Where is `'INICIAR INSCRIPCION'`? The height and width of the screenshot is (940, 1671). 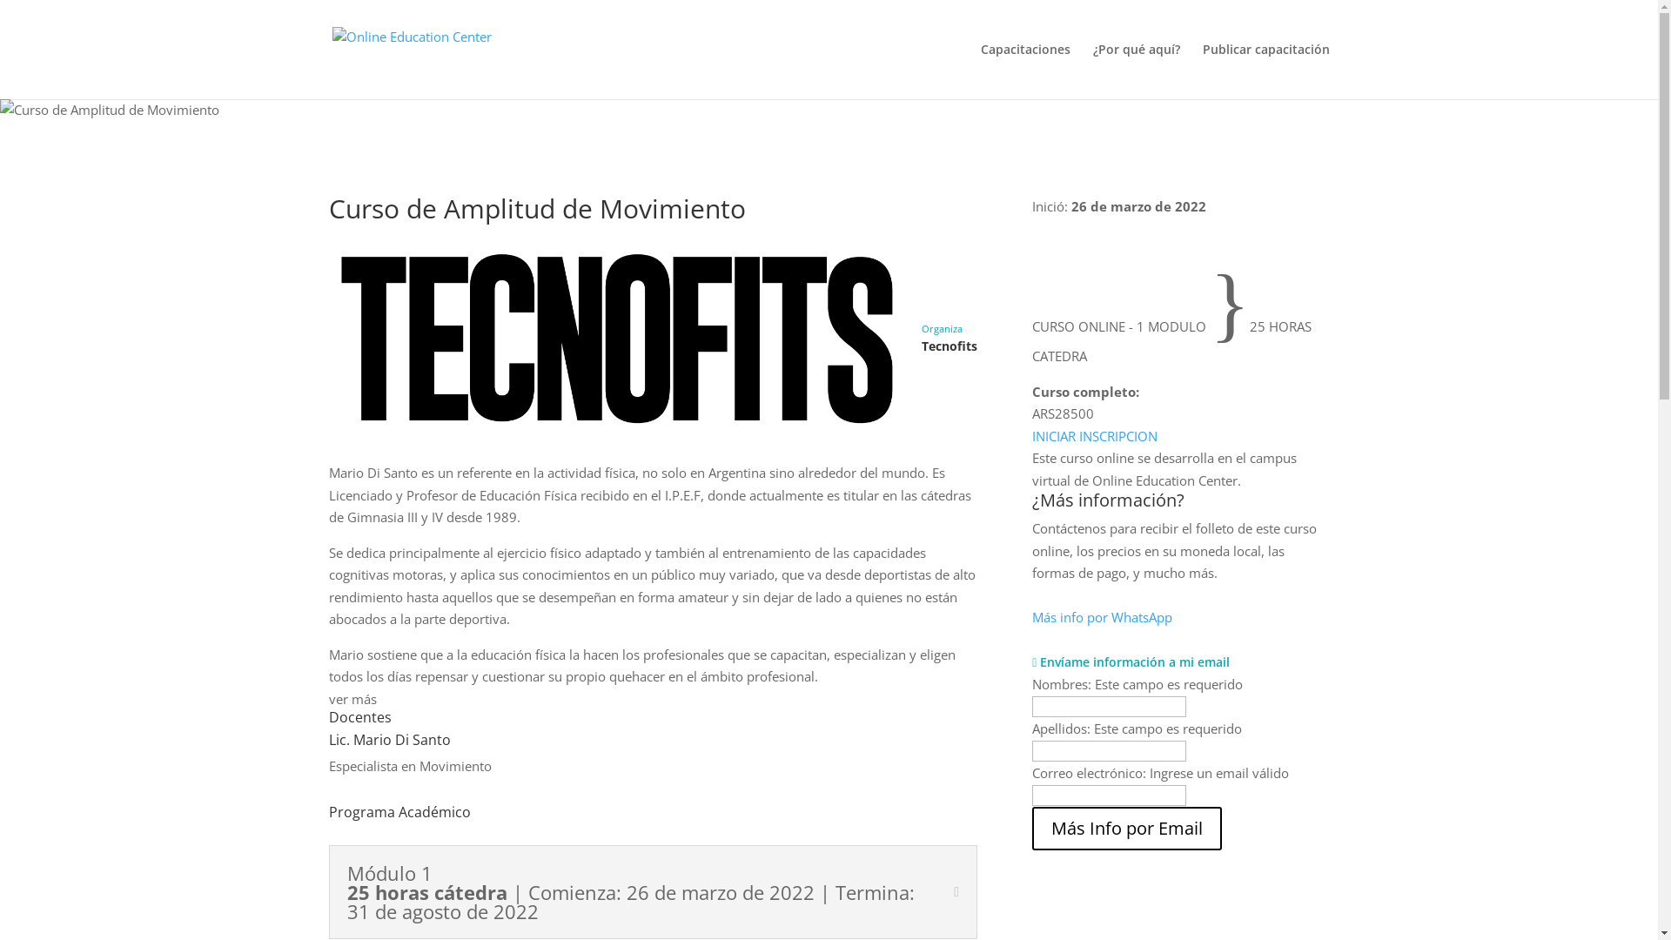
'INICIAR INSCRIPCION' is located at coordinates (1031, 434).